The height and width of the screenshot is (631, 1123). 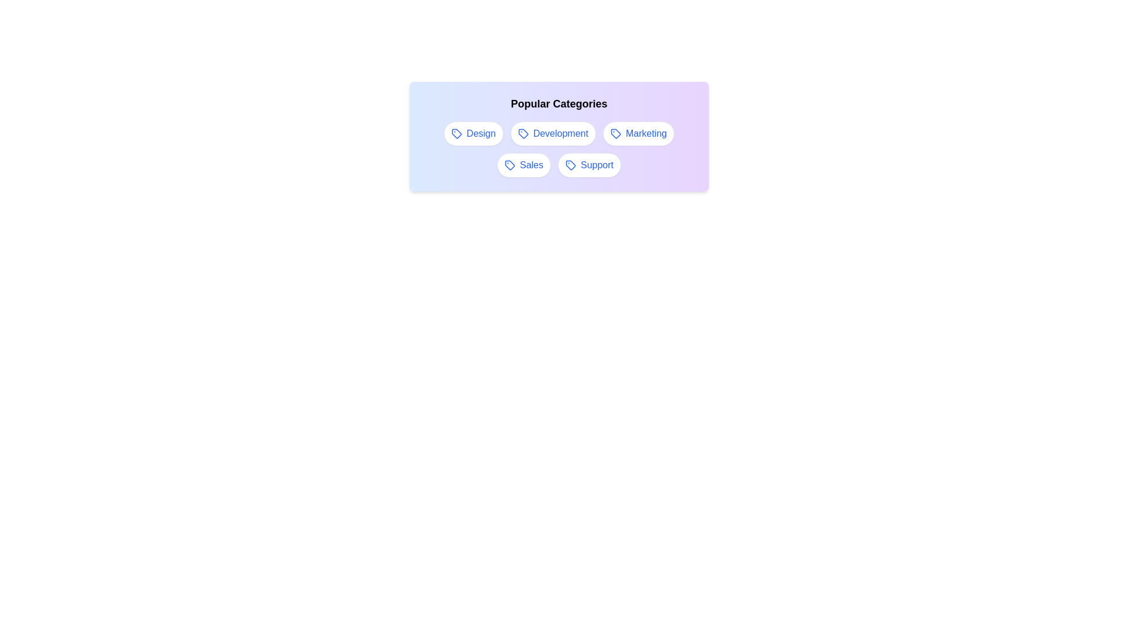 What do you see at coordinates (590, 165) in the screenshot?
I see `the Support tag to select it` at bounding box center [590, 165].